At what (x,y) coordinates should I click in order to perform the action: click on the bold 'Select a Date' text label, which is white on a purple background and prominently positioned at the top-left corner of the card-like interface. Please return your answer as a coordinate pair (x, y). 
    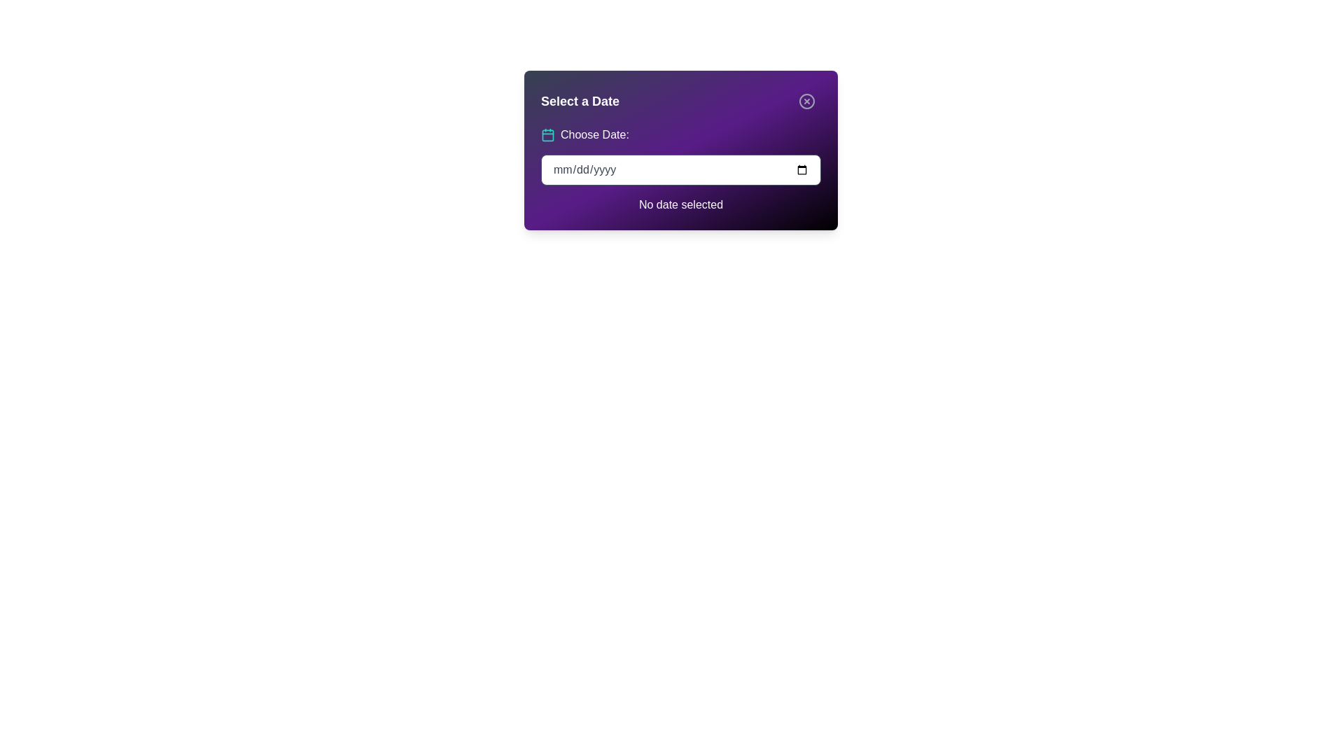
    Looking at the image, I should click on (580, 101).